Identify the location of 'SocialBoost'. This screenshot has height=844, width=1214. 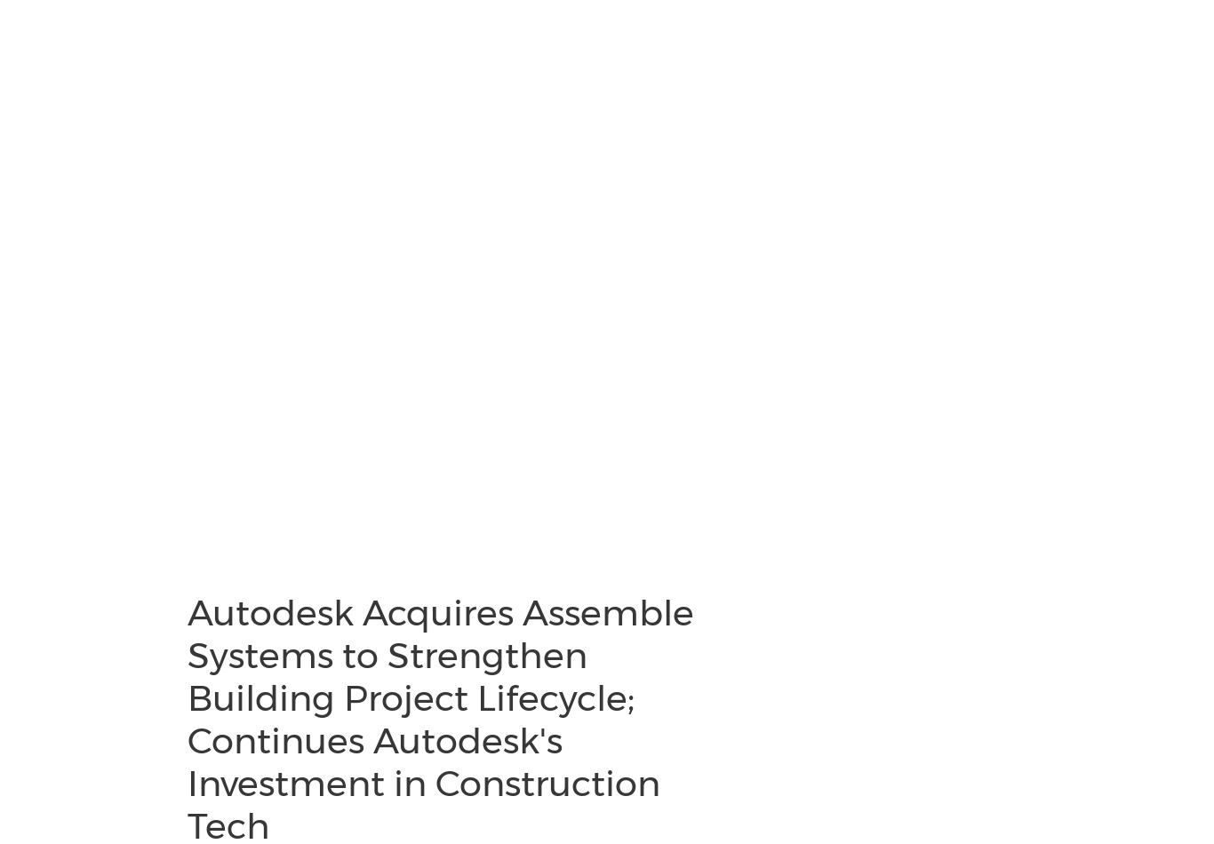
(36, 152).